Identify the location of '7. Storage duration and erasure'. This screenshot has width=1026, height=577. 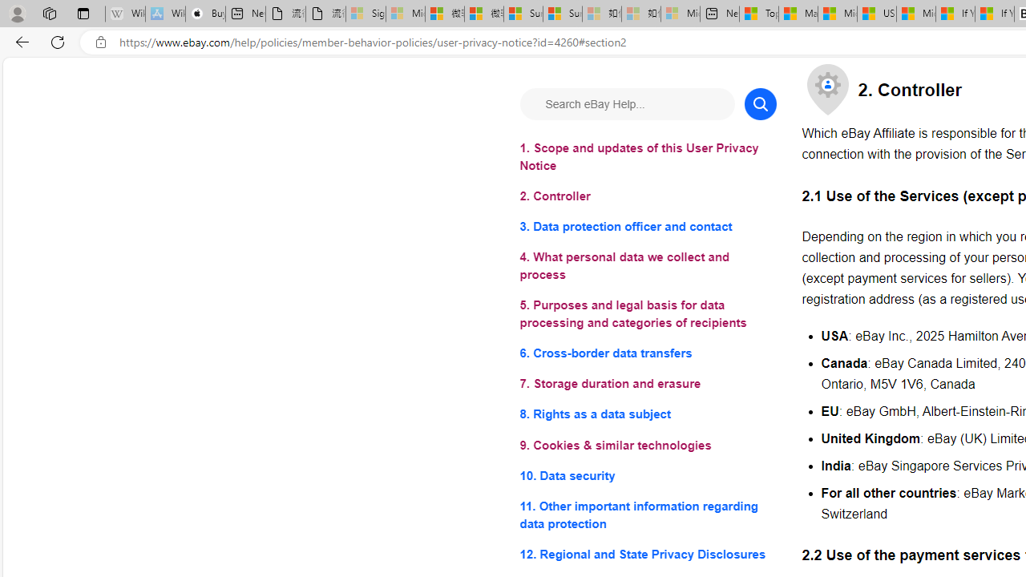
(648, 384).